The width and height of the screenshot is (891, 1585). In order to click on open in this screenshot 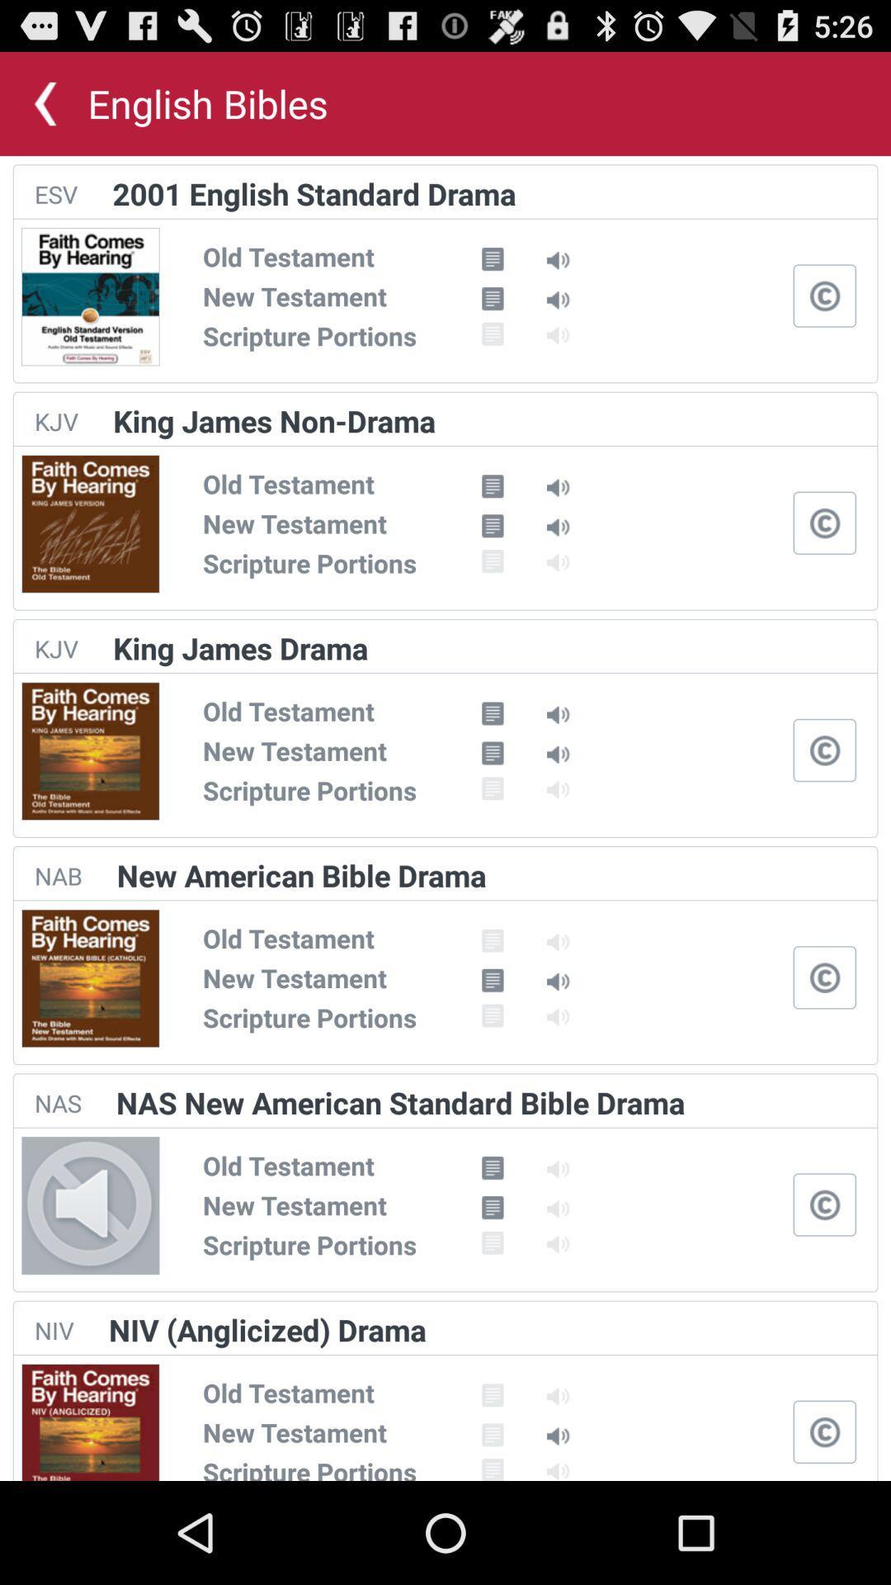, I will do `click(824, 296)`.